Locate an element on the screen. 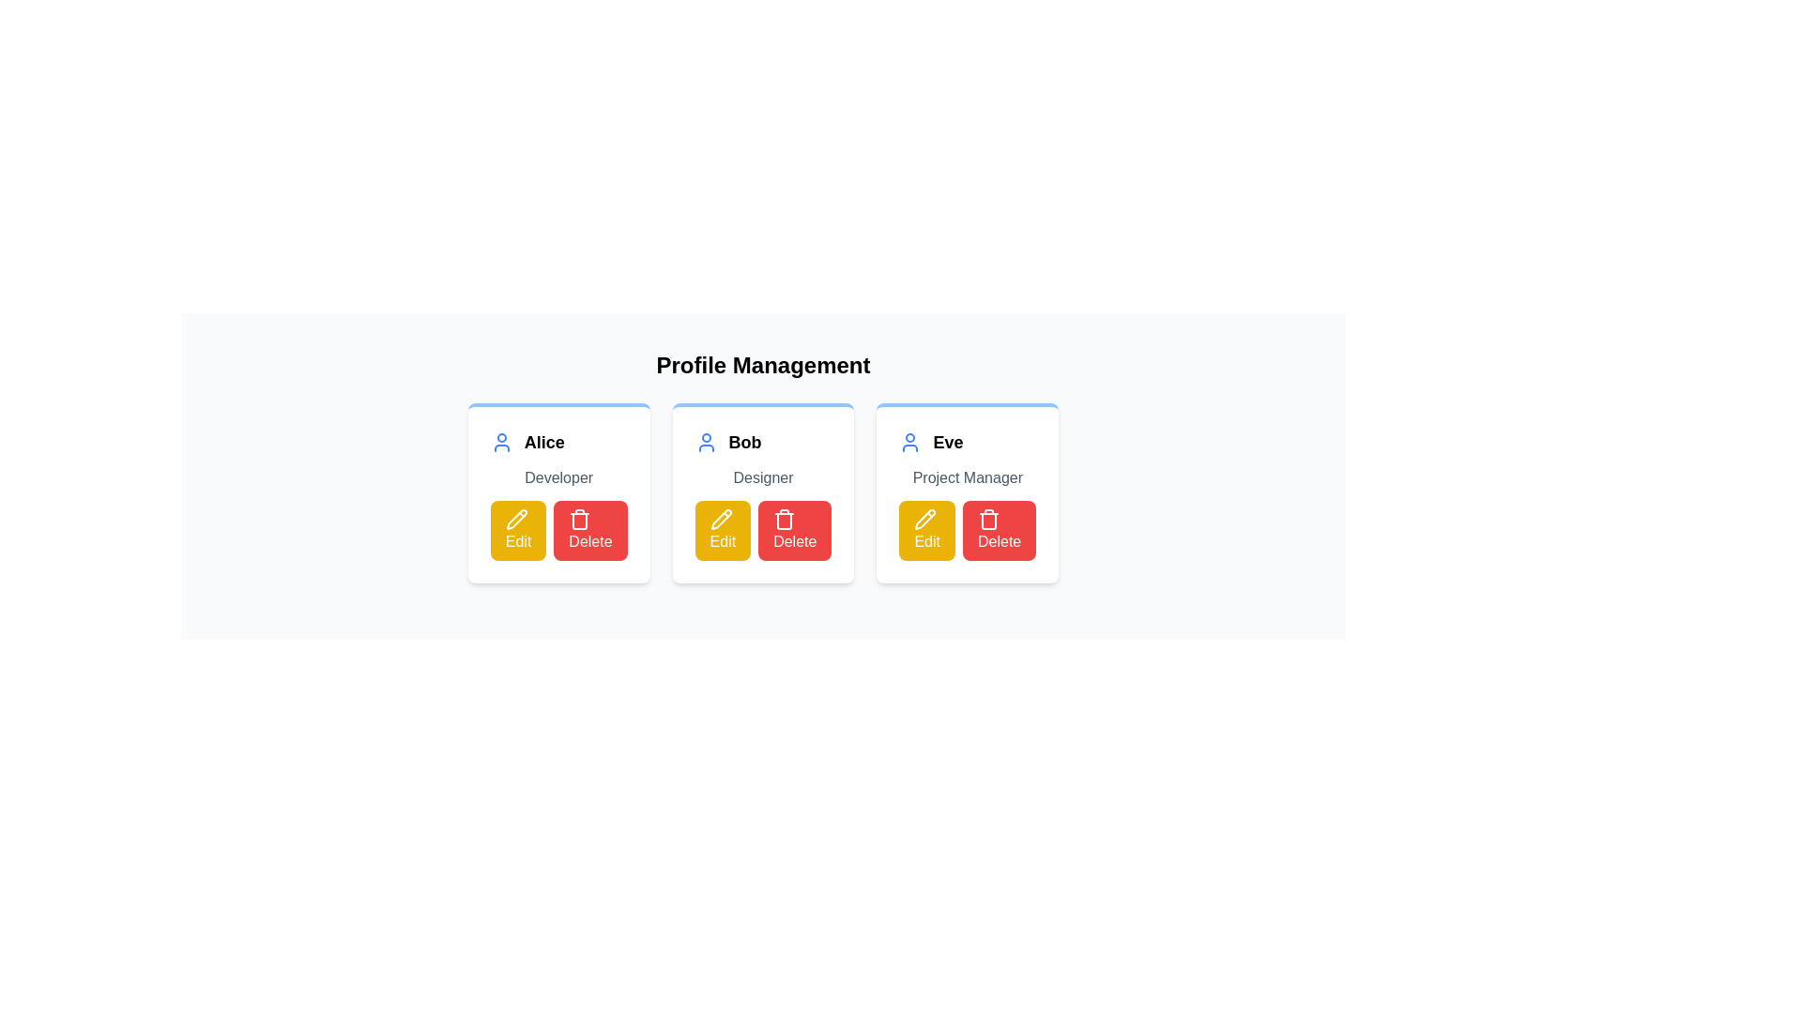 Image resolution: width=1802 pixels, height=1013 pixels. the text label displaying 'Project Manager', which is styled in gray and located in the bottom section of the card related to 'Eve' is located at coordinates (968, 476).